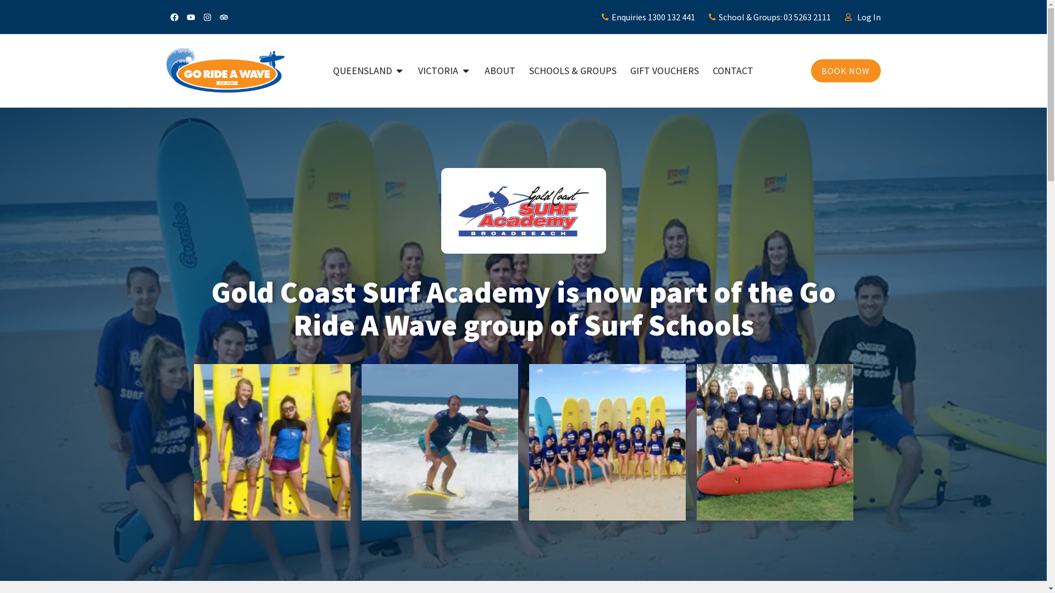  Describe the element at coordinates (845, 70) in the screenshot. I see `'BOOK NOW'` at that location.